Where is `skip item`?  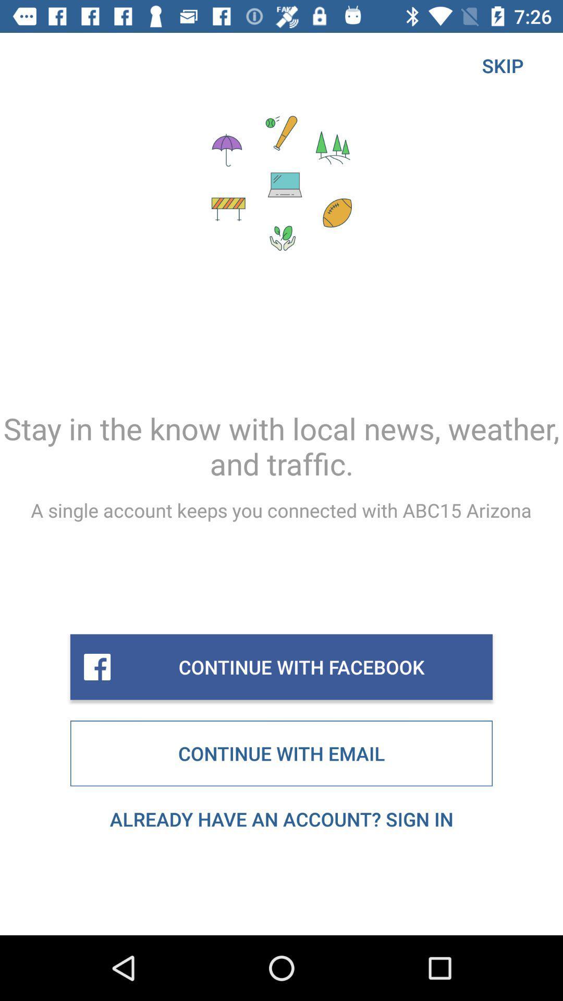
skip item is located at coordinates (502, 65).